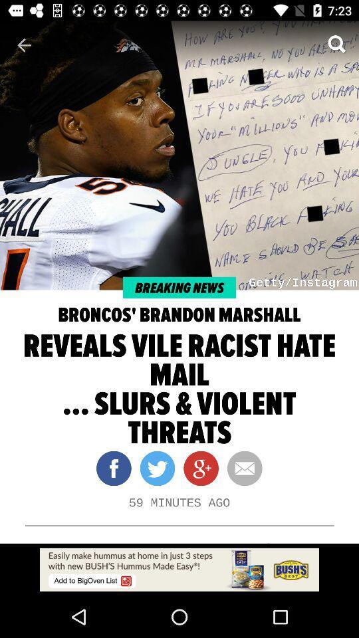  Describe the element at coordinates (114, 469) in the screenshot. I see `the facebook icon` at that location.